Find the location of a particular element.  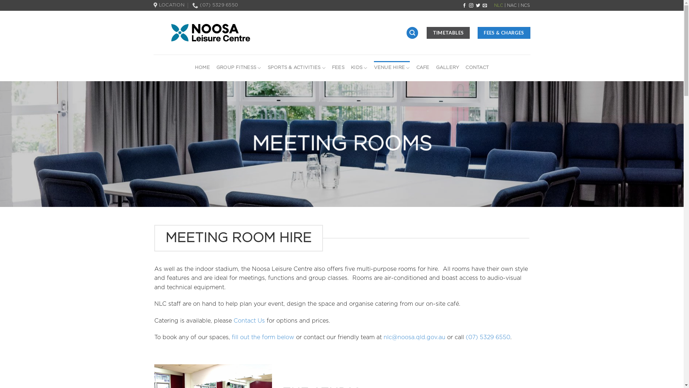

'VENUE HIRE' is located at coordinates (392, 68).